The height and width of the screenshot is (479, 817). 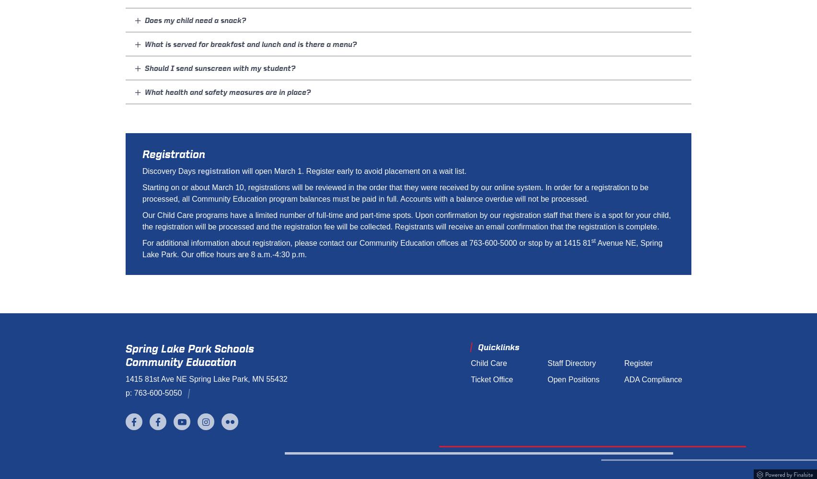 What do you see at coordinates (266, 379) in the screenshot?
I see `'55432'` at bounding box center [266, 379].